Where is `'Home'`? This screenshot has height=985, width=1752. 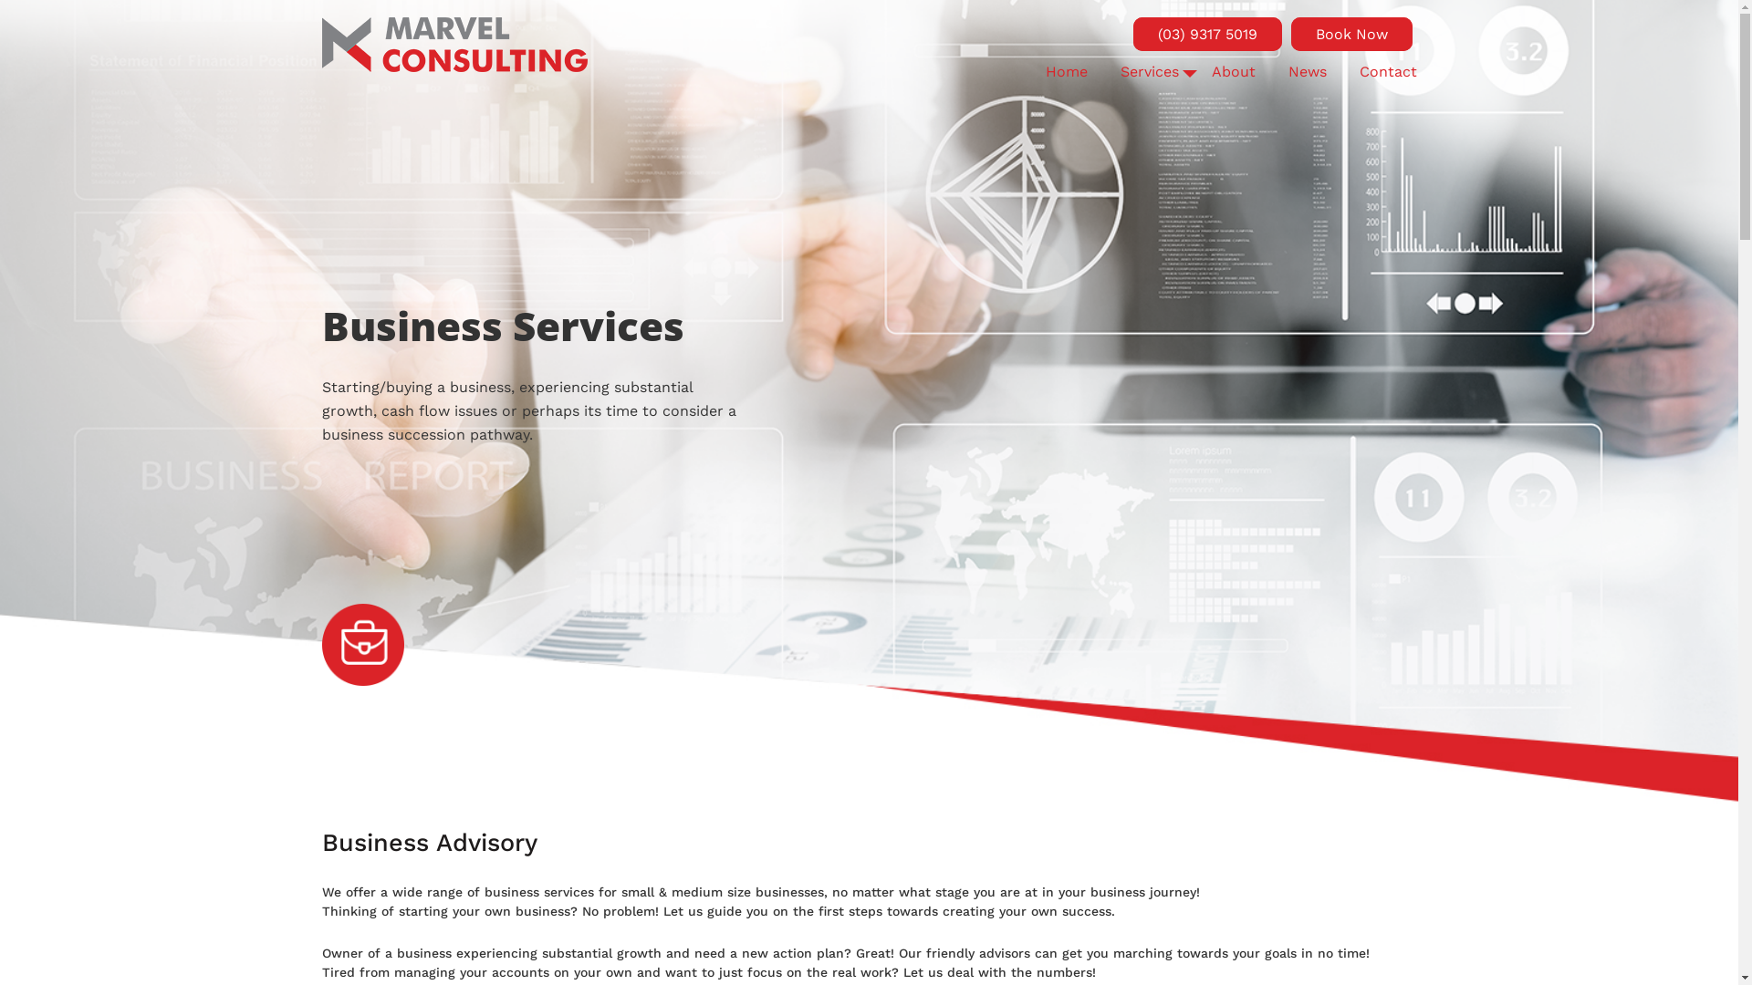
'Home' is located at coordinates (1067, 70).